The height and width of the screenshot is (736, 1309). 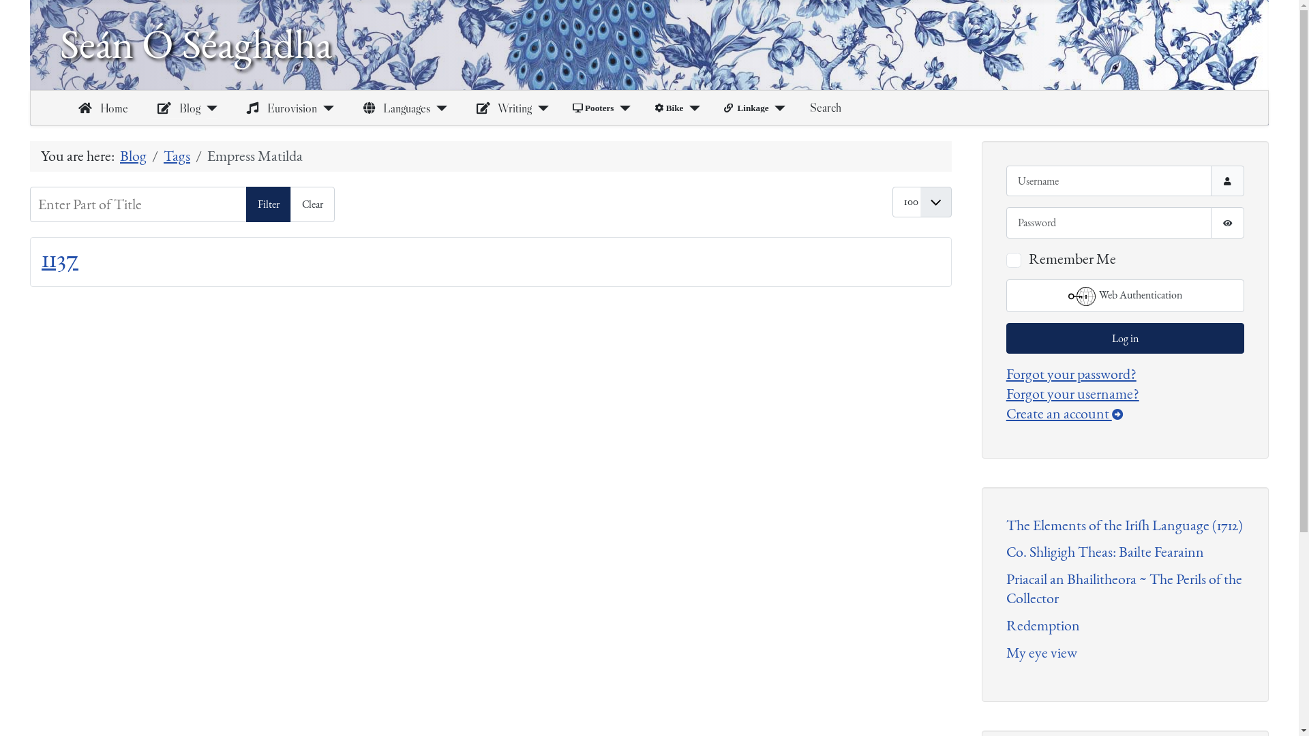 What do you see at coordinates (1227, 221) in the screenshot?
I see `'Show Password'` at bounding box center [1227, 221].